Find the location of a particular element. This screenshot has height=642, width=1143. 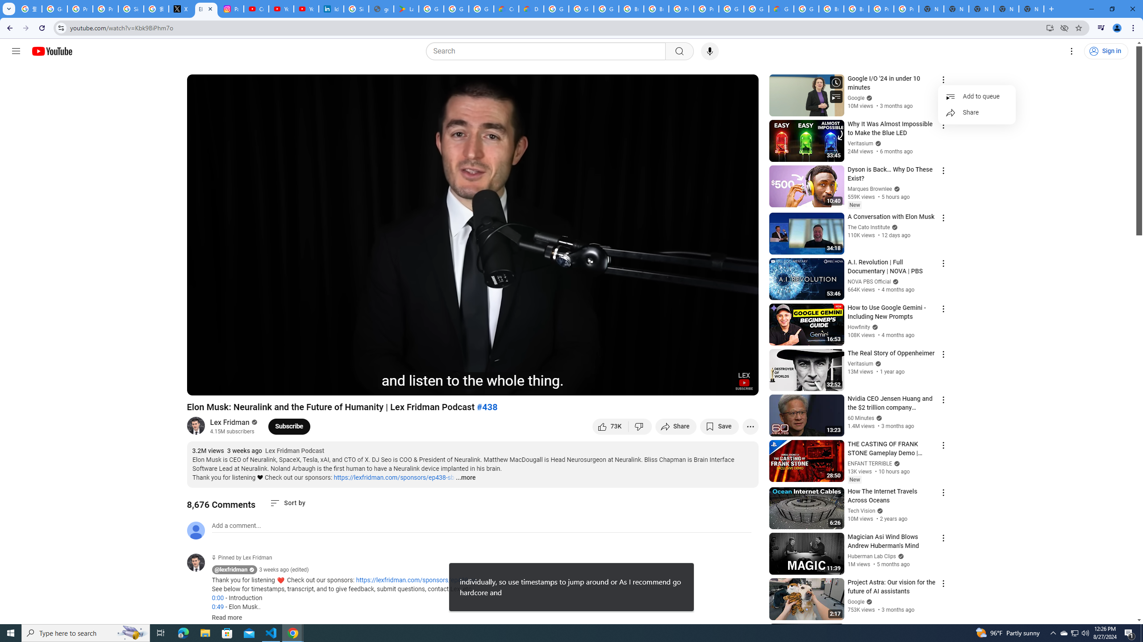

'More actions' is located at coordinates (750, 426).